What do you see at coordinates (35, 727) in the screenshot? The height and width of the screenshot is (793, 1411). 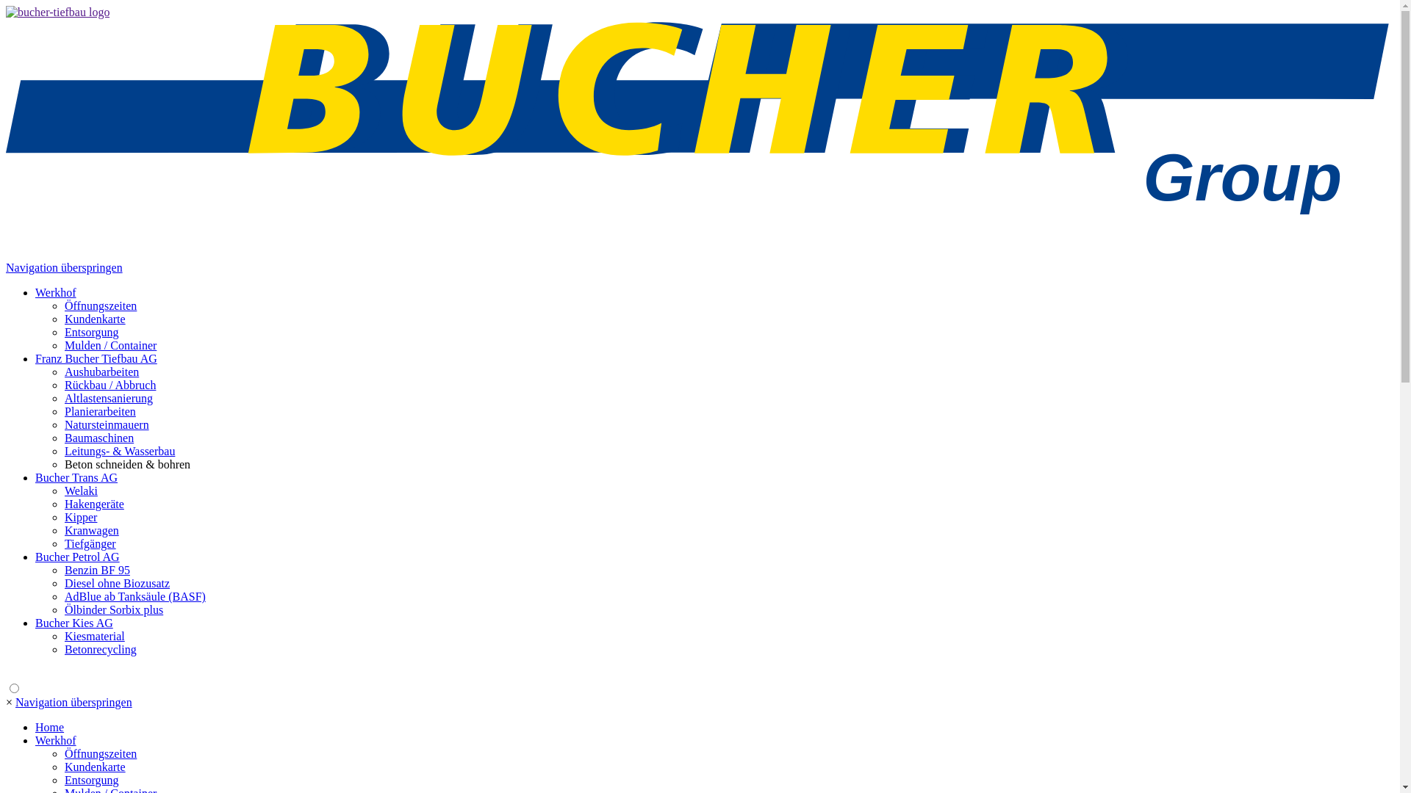 I see `'Home'` at bounding box center [35, 727].